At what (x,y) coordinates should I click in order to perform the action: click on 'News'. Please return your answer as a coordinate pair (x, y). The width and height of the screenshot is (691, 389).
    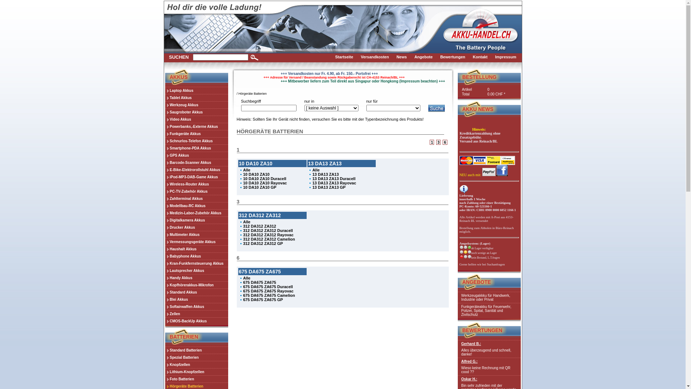
    Looking at the image, I should click on (404, 57).